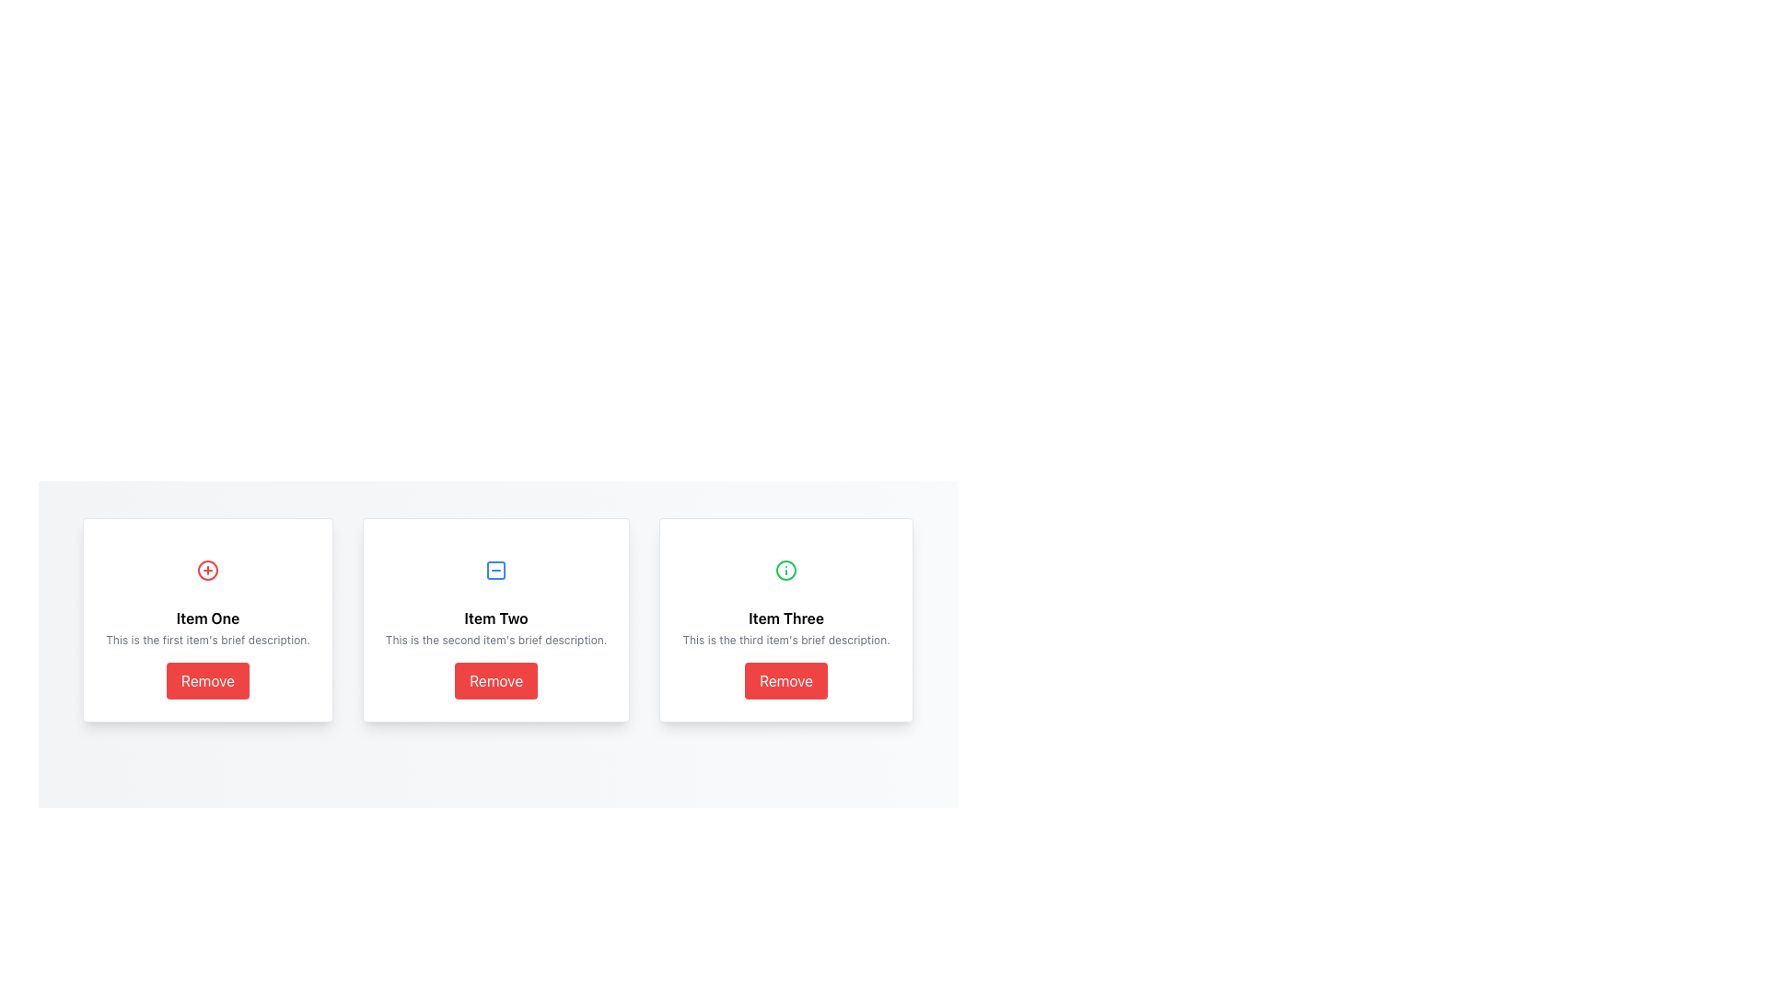 The image size is (1768, 994). What do you see at coordinates (496, 618) in the screenshot?
I see `the text label displaying 'Item Two'` at bounding box center [496, 618].